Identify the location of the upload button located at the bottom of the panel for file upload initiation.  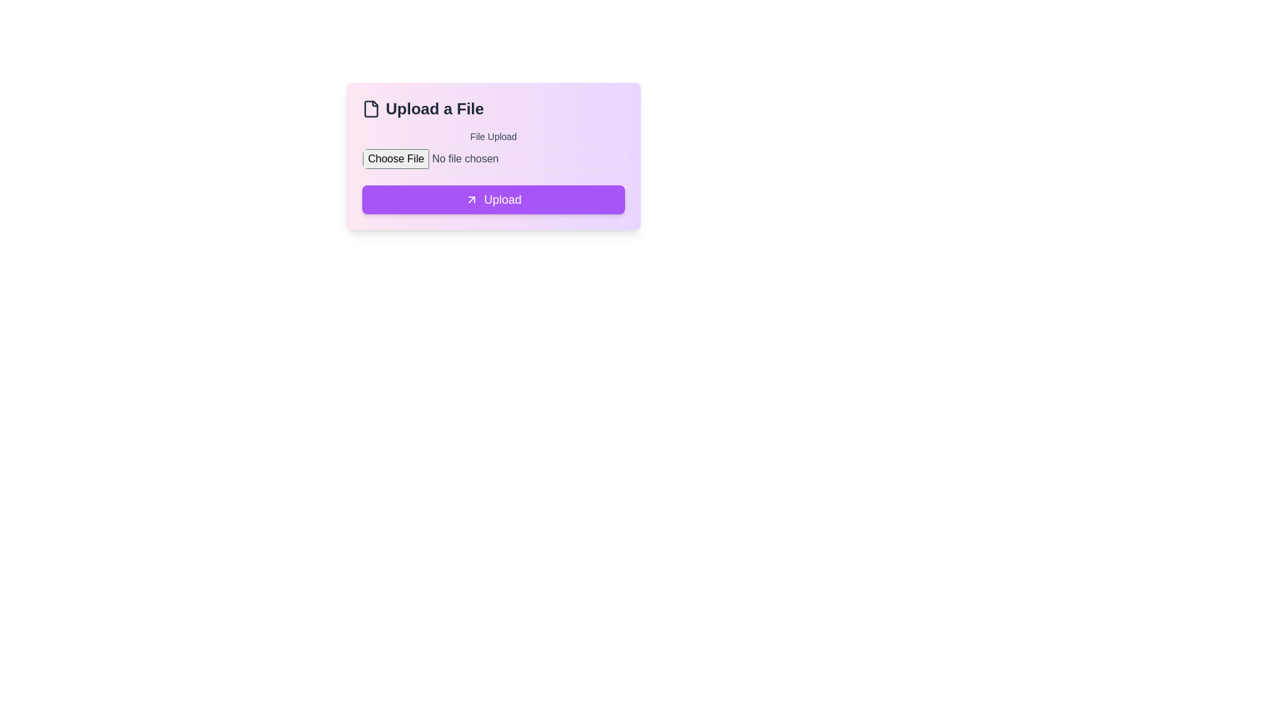
(492, 200).